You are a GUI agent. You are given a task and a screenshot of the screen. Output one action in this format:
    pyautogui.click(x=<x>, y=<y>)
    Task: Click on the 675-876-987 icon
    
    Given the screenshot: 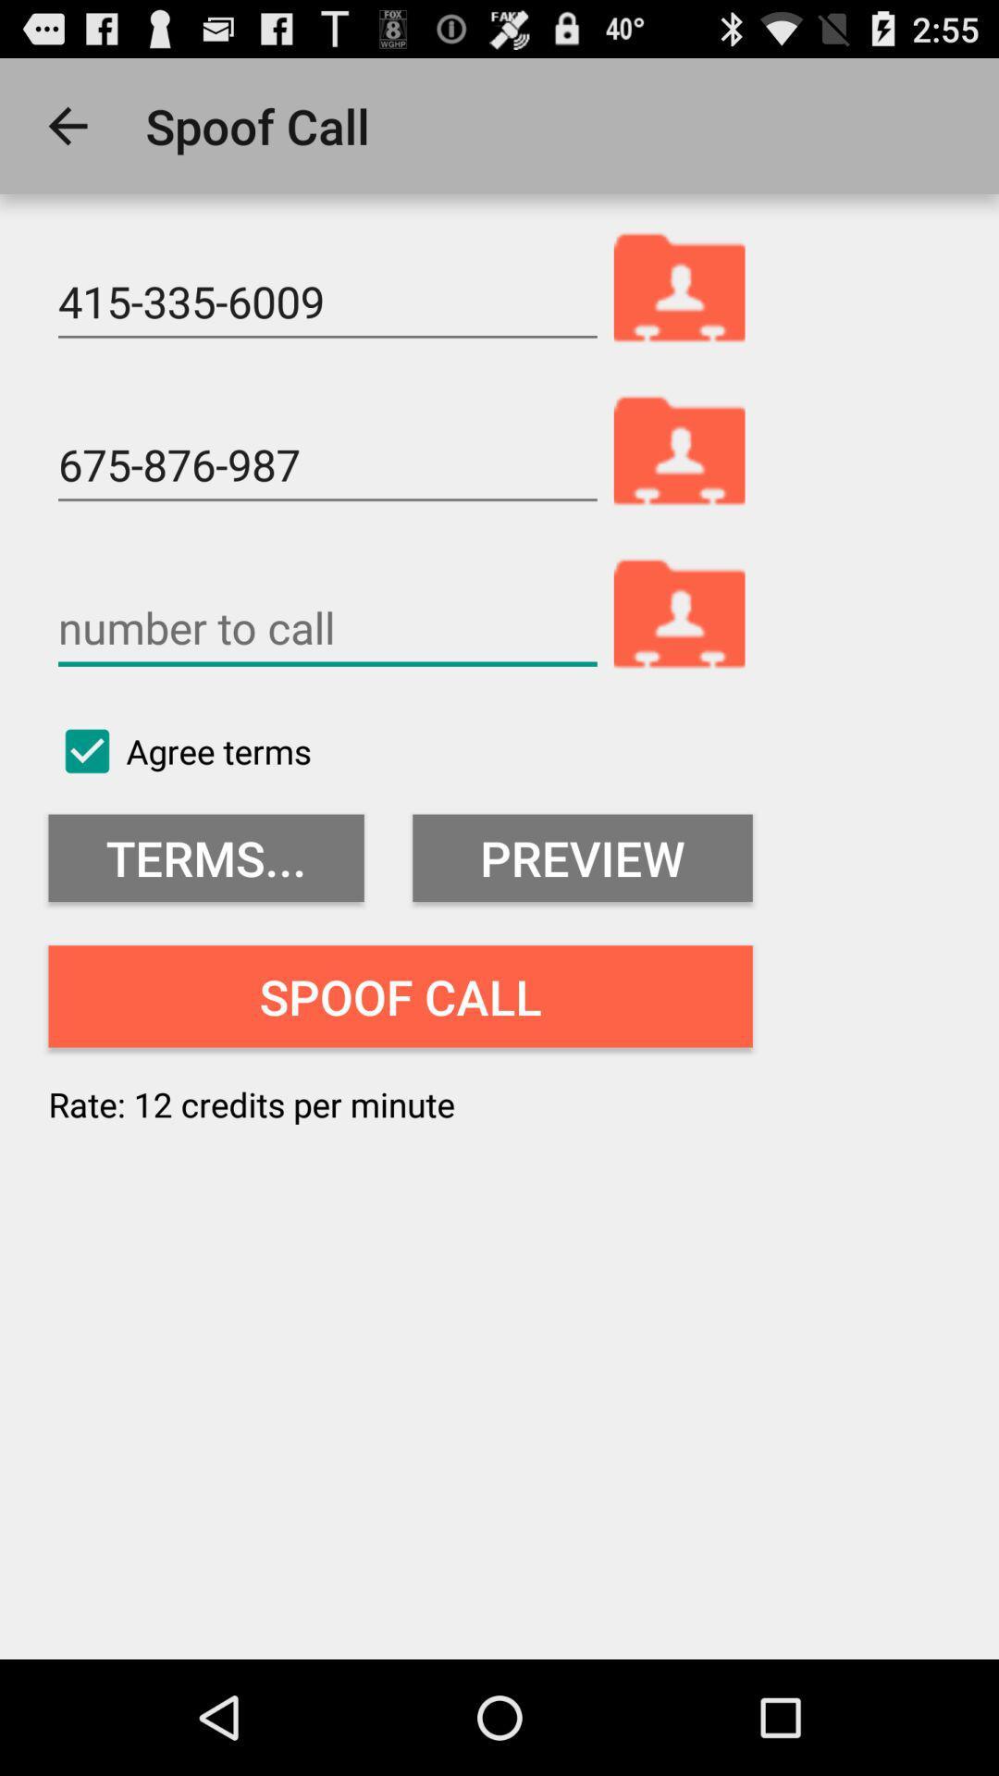 What is the action you would take?
    pyautogui.click(x=327, y=465)
    